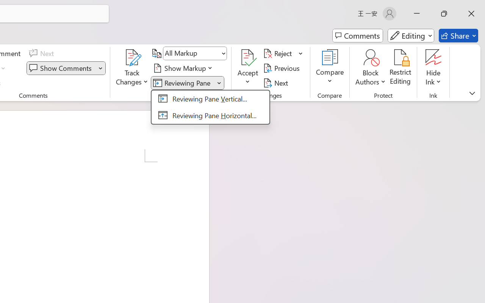 The image size is (485, 303). What do you see at coordinates (283, 53) in the screenshot?
I see `'Reject'` at bounding box center [283, 53].